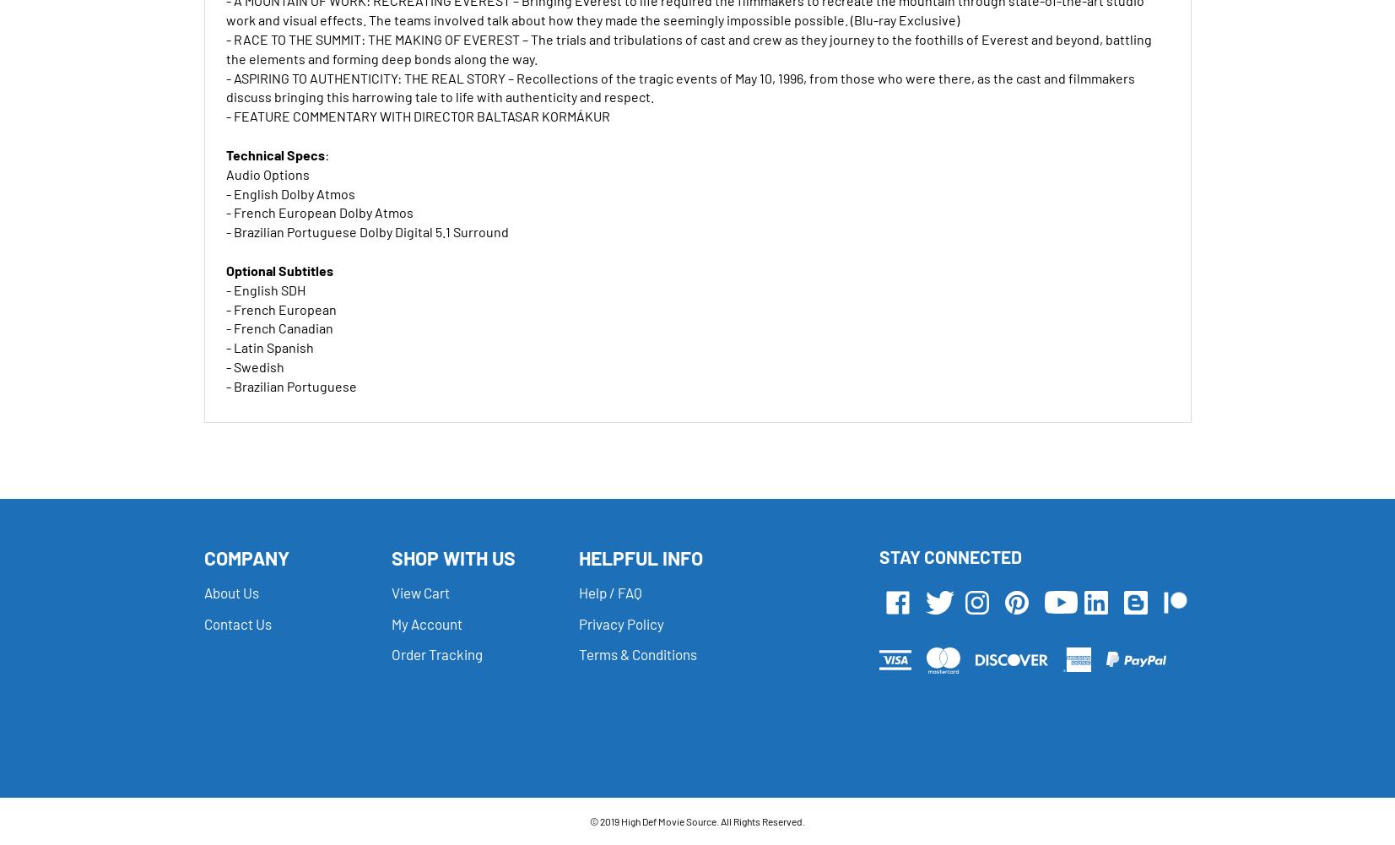 Image resolution: width=1395 pixels, height=845 pixels. I want to click on 'Order Tracking', so click(435, 653).